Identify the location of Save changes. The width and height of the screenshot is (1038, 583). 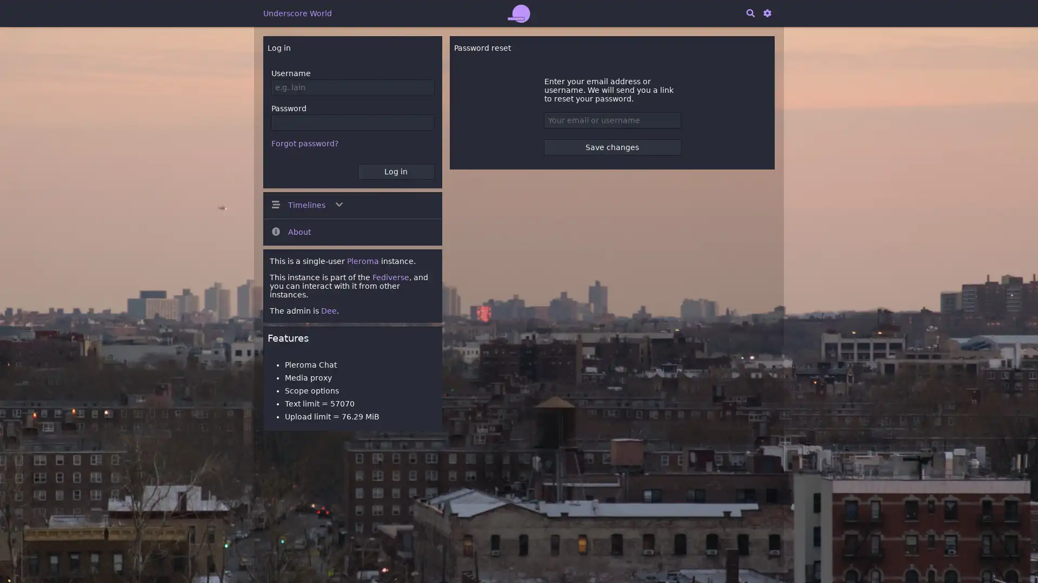
(612, 147).